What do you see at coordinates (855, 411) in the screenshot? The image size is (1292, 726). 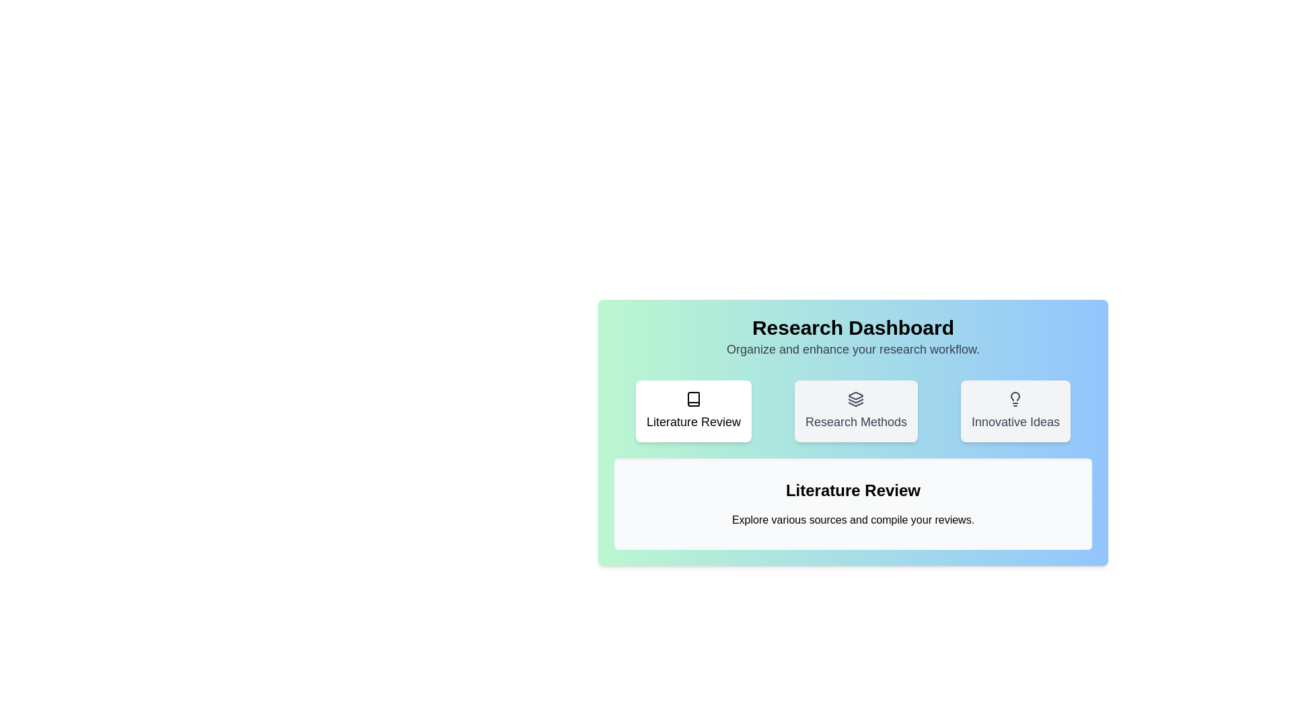 I see `the icon for the section Research Methods to observe it` at bounding box center [855, 411].